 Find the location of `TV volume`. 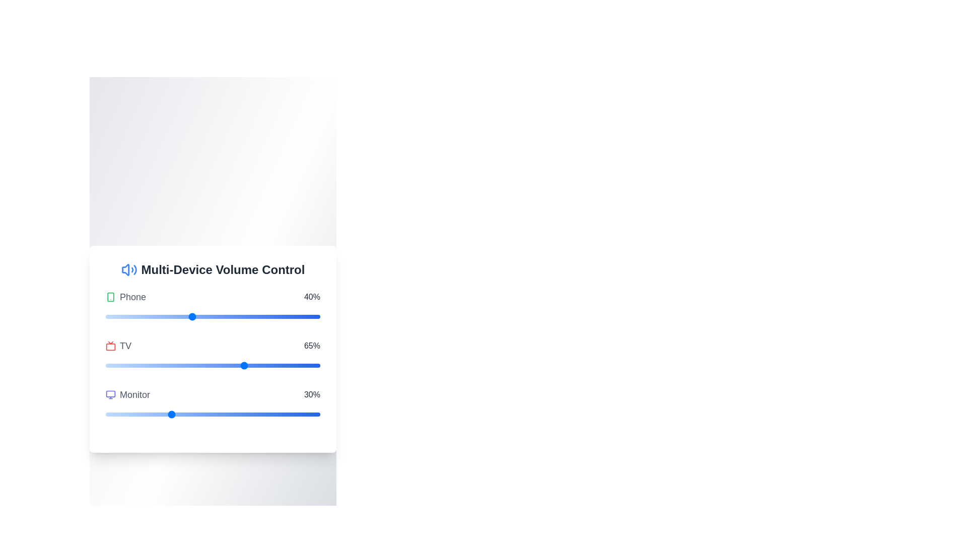

TV volume is located at coordinates (254, 365).